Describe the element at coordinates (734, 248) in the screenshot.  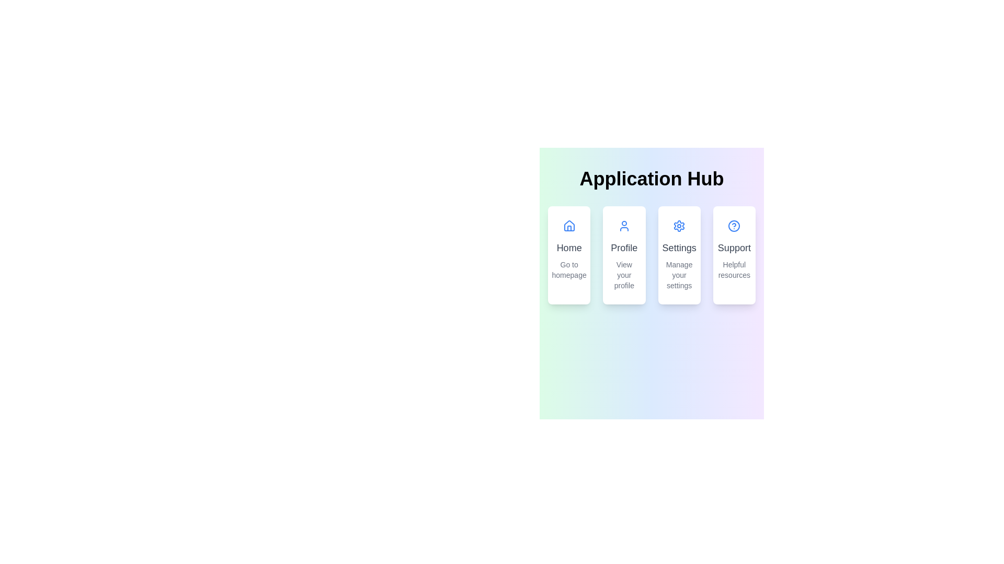
I see `the header text 'Support' which is located inside the fourth card from the left, identifying the subject of the card and centered within it` at that location.